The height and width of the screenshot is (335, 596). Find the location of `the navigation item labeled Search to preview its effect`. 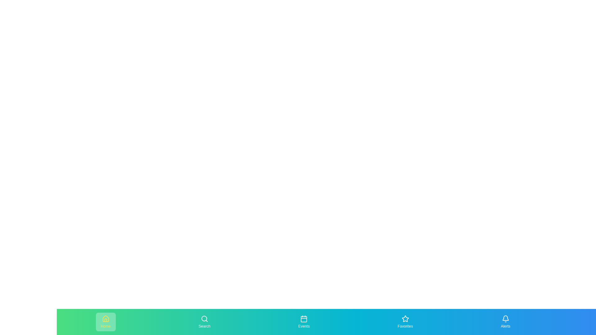

the navigation item labeled Search to preview its effect is located at coordinates (204, 321).